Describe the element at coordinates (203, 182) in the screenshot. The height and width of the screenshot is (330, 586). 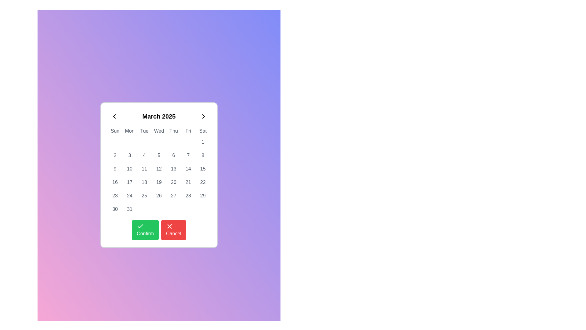
I see `the selectable calendar day button representing the 22nd day of the month, located under 'Sat' adjacent to '21'` at that location.